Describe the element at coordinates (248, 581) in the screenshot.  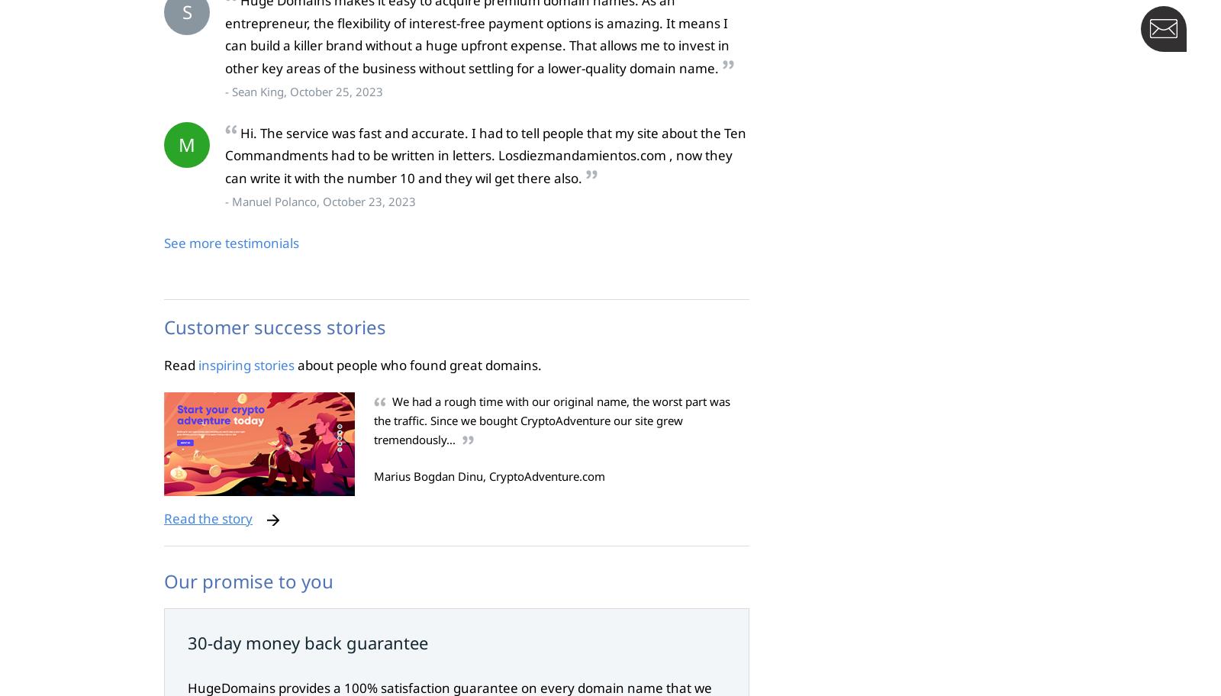
I see `'Our promise to you'` at that location.